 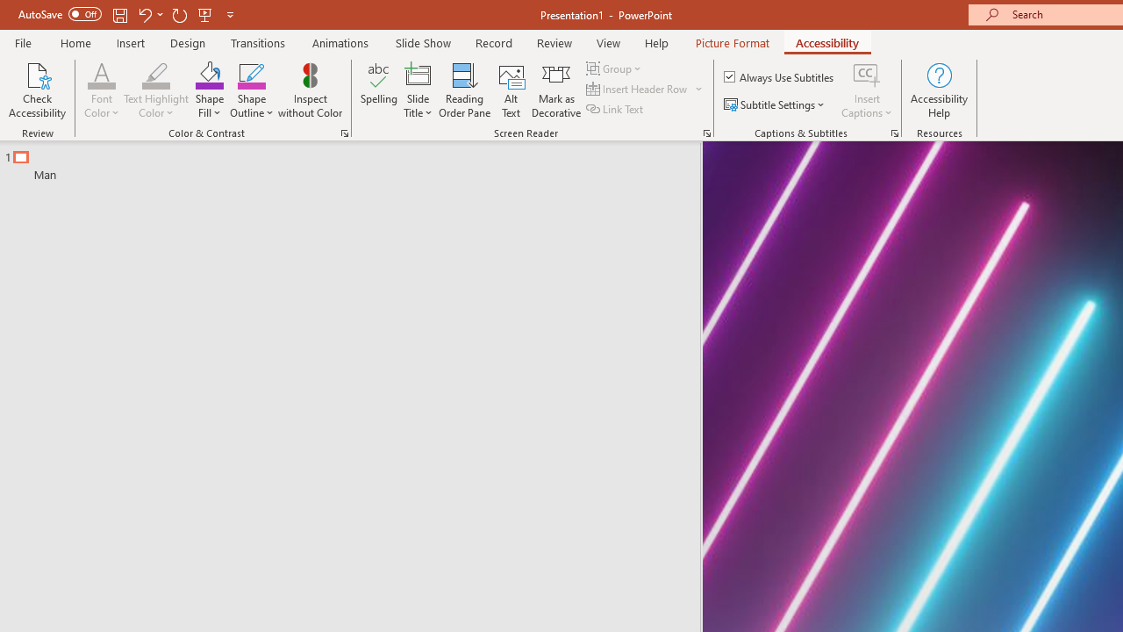 I want to click on 'Home', so click(x=75, y=42).